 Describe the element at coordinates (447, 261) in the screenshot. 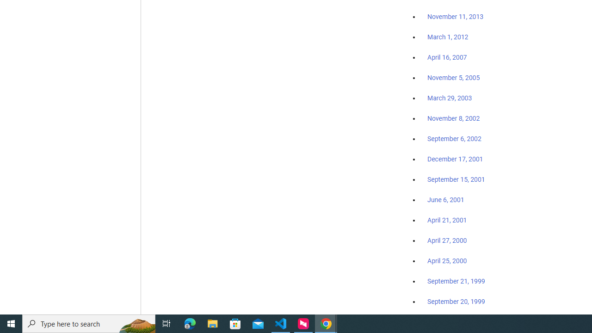

I see `'April 25, 2000'` at that location.